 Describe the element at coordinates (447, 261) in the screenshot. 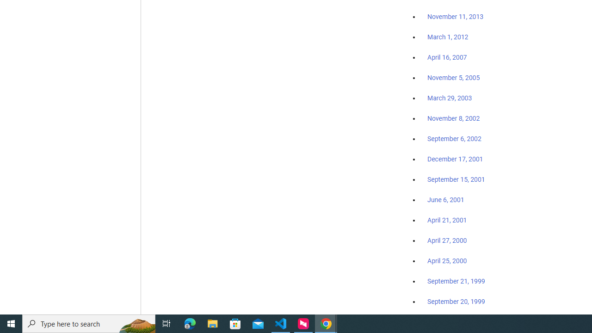

I see `'April 25, 2000'` at that location.